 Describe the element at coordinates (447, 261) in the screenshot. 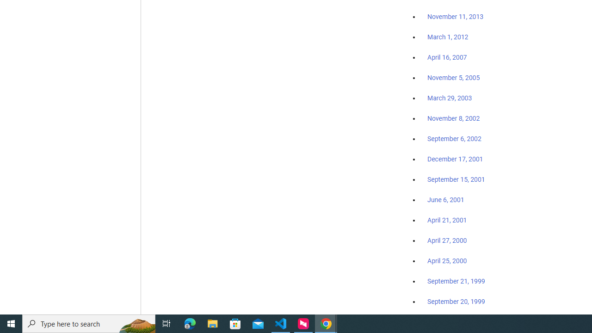

I see `'April 25, 2000'` at that location.